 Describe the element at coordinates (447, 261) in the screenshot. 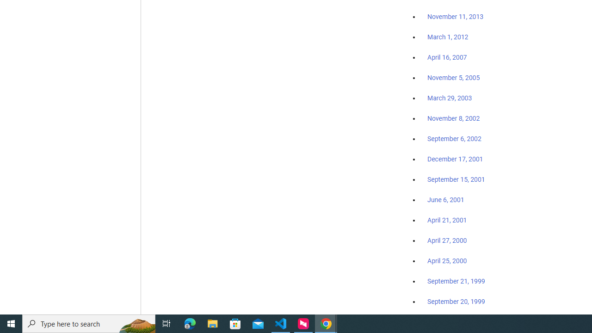

I see `'April 25, 2000'` at that location.